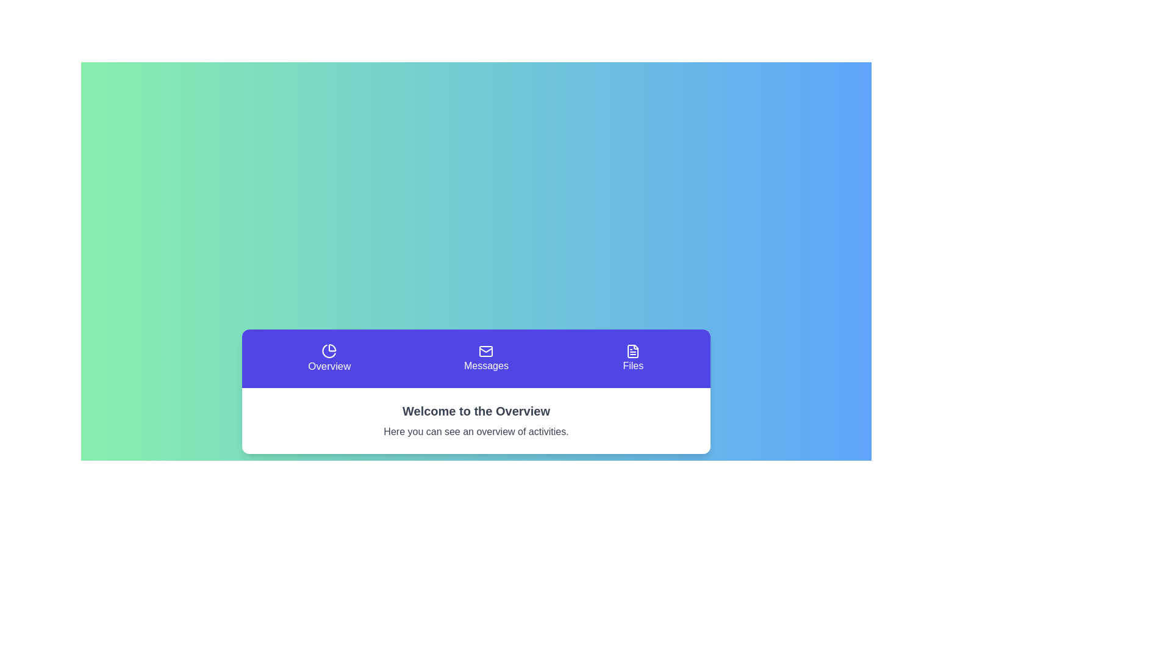 The image size is (1171, 659). Describe the element at coordinates (632, 358) in the screenshot. I see `the section button labeled Files` at that location.